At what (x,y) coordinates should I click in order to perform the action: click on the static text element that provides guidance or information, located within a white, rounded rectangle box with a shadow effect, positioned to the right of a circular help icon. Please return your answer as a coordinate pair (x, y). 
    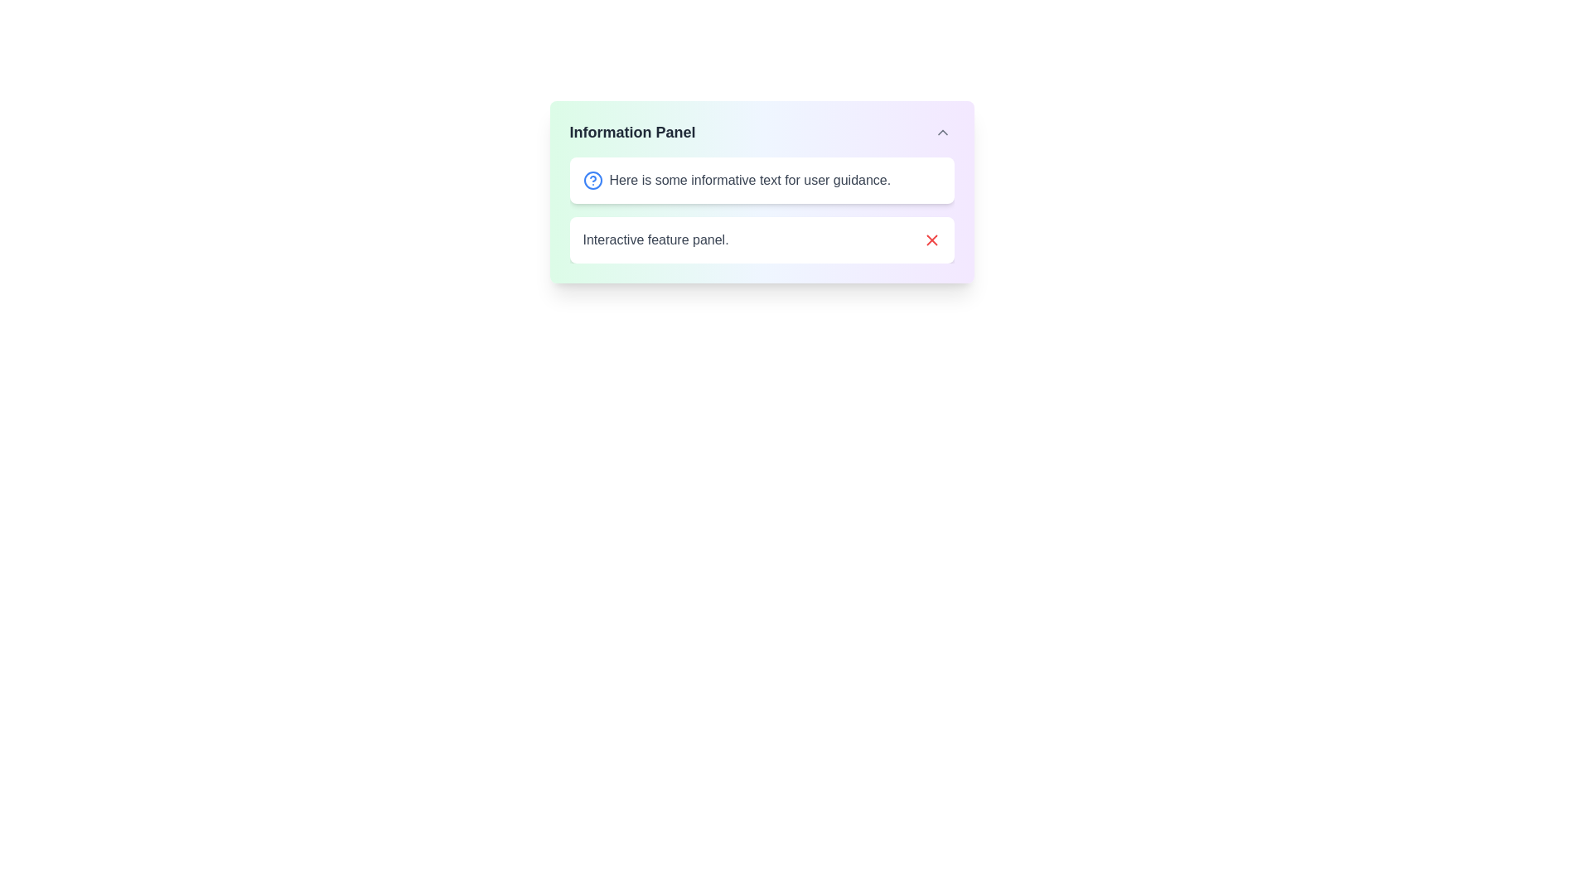
    Looking at the image, I should click on (749, 181).